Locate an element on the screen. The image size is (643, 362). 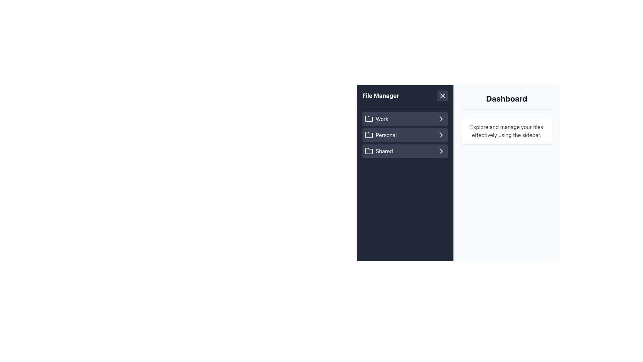
the minimalist folder icon outlined with a white stroke, located to the left of the 'Work' text in the 'File Manager' sidebar menu is located at coordinates (369, 118).